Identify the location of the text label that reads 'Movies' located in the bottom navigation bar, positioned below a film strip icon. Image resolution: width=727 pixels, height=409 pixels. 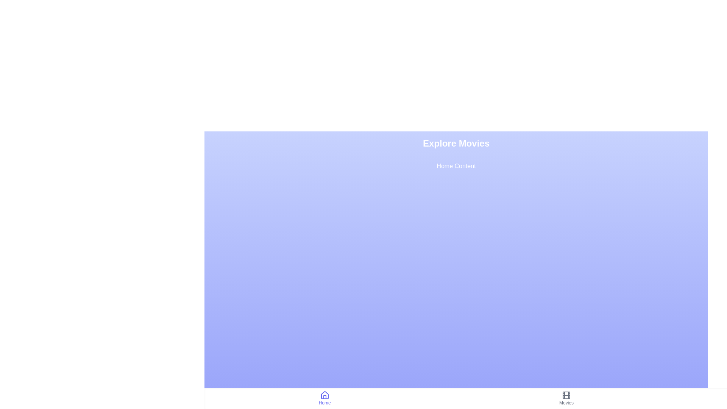
(566, 403).